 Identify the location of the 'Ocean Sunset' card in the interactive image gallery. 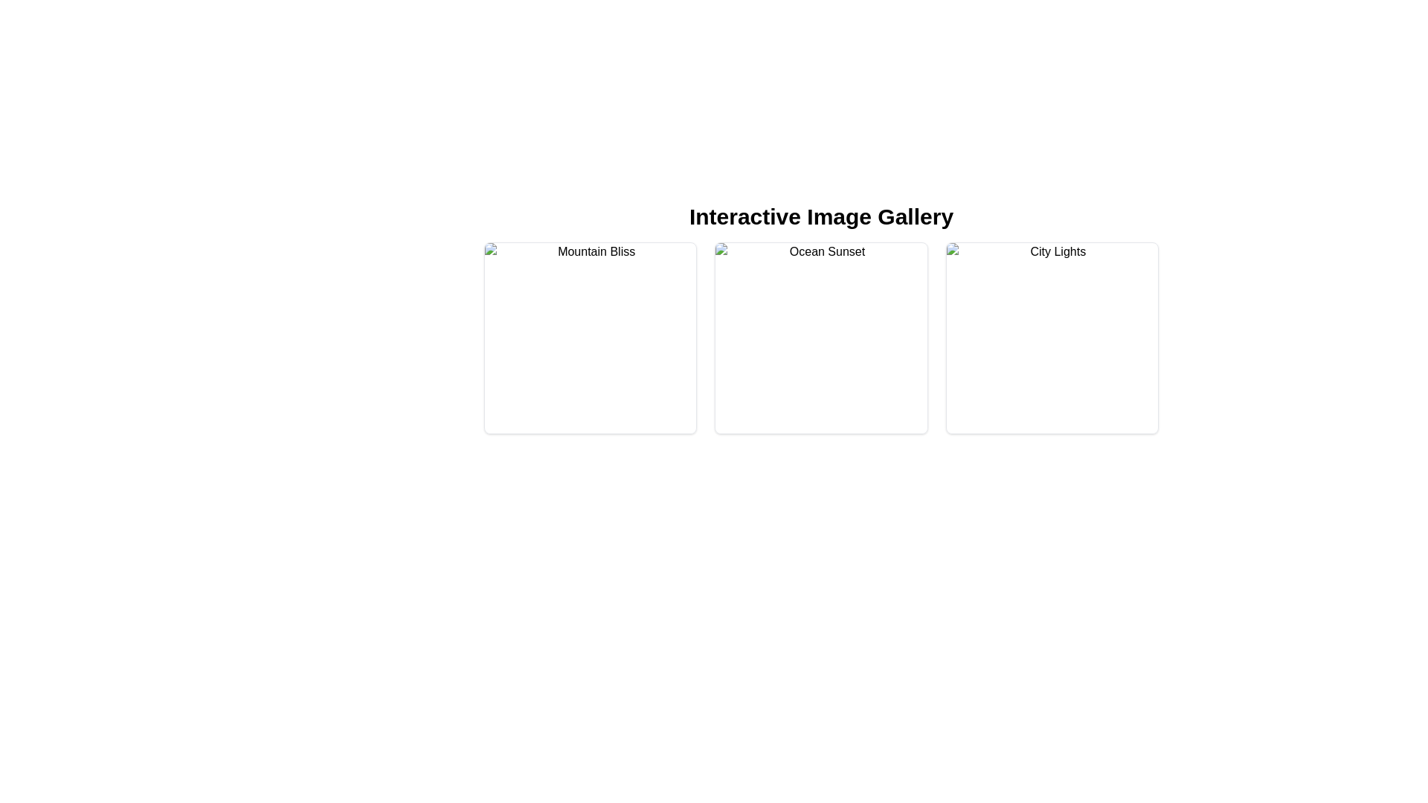
(820, 338).